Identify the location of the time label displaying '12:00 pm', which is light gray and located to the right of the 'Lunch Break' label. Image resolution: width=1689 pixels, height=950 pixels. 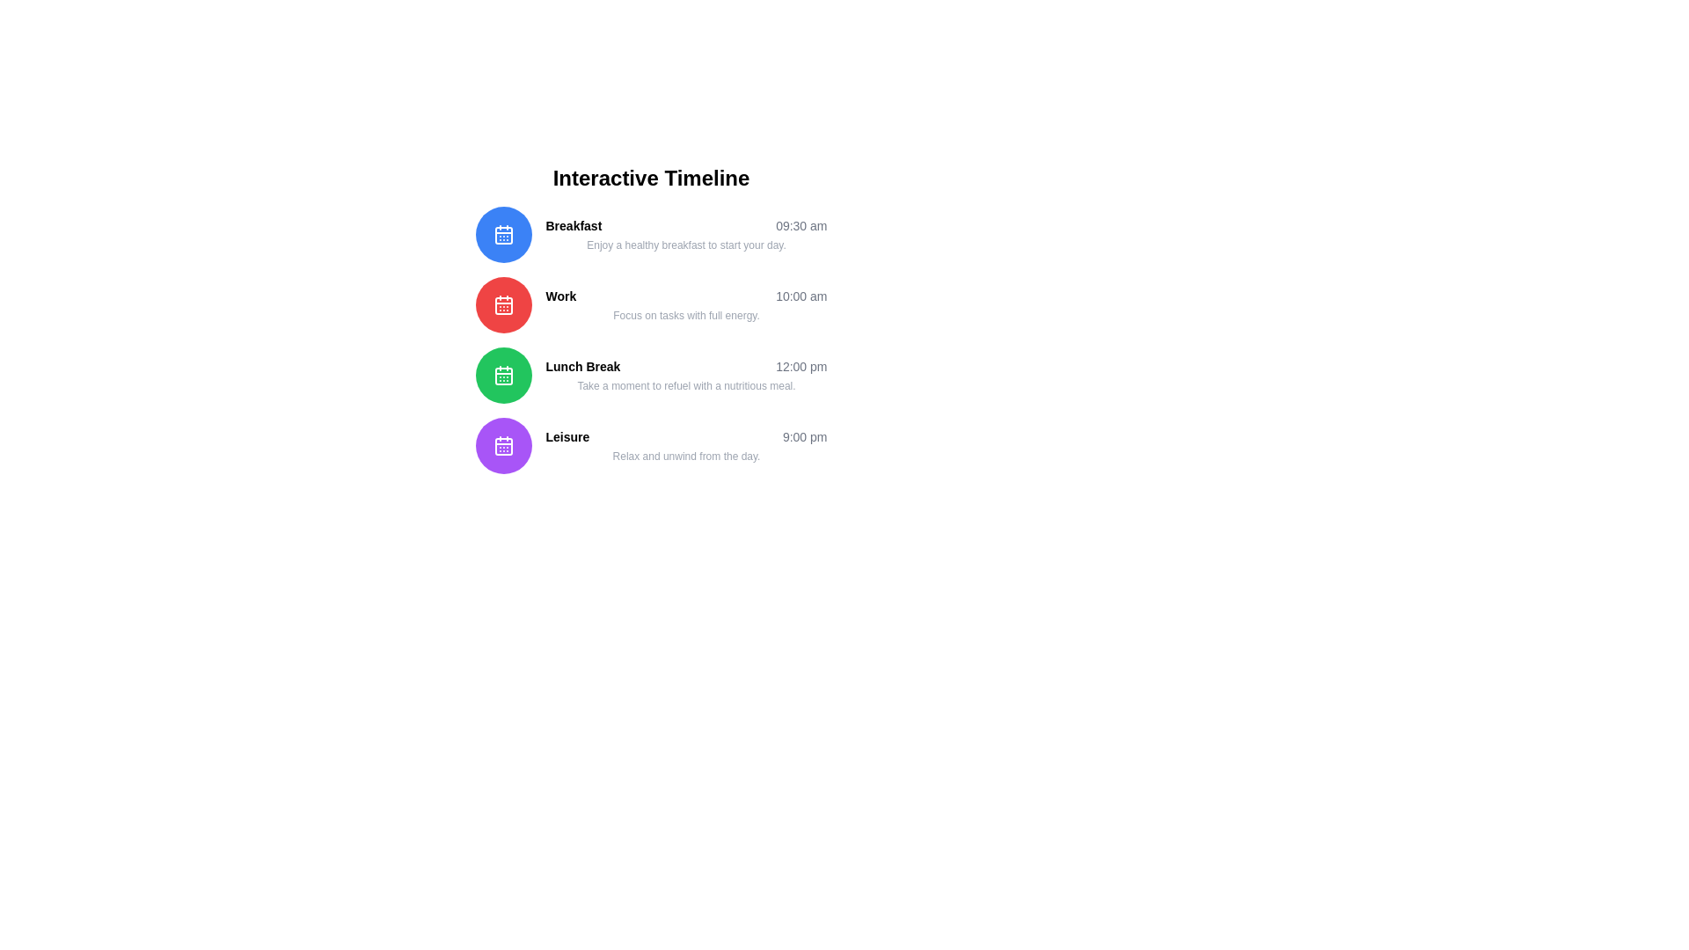
(801, 365).